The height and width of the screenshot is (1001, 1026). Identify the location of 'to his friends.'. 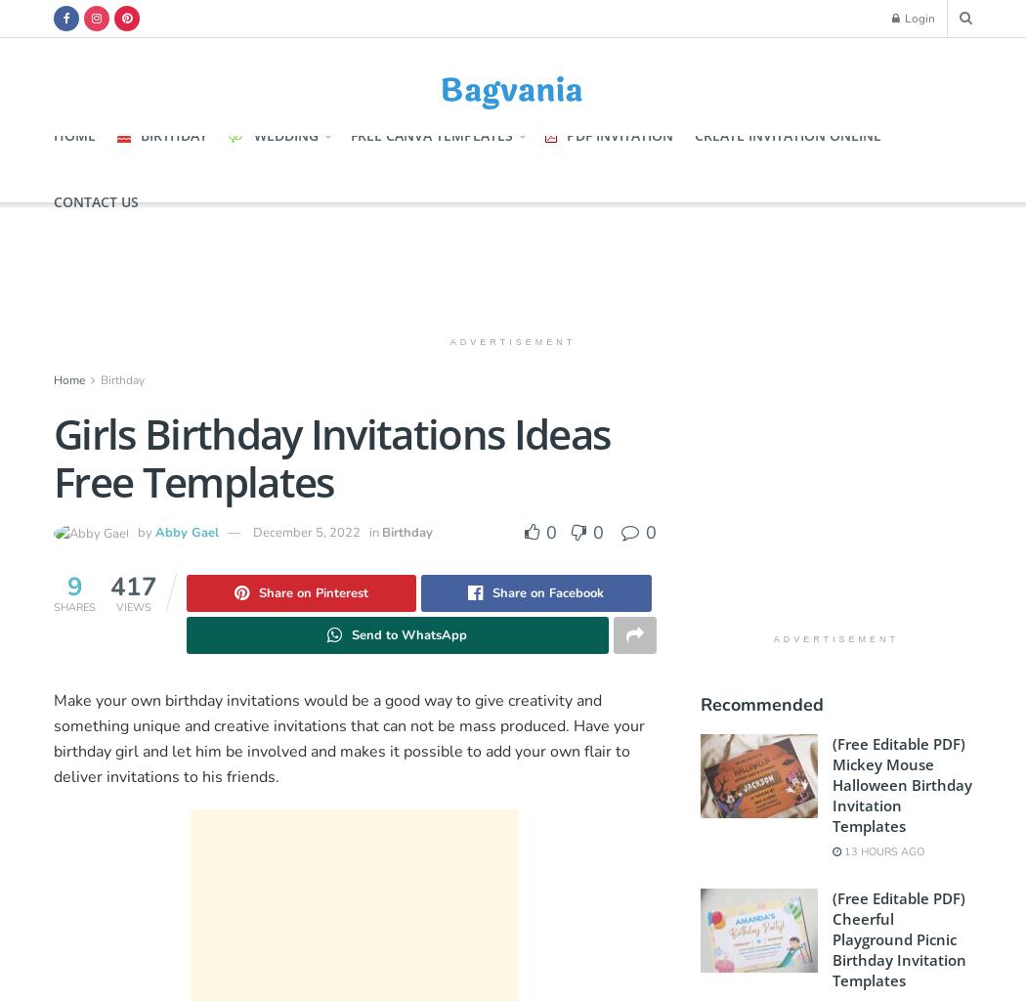
(231, 777).